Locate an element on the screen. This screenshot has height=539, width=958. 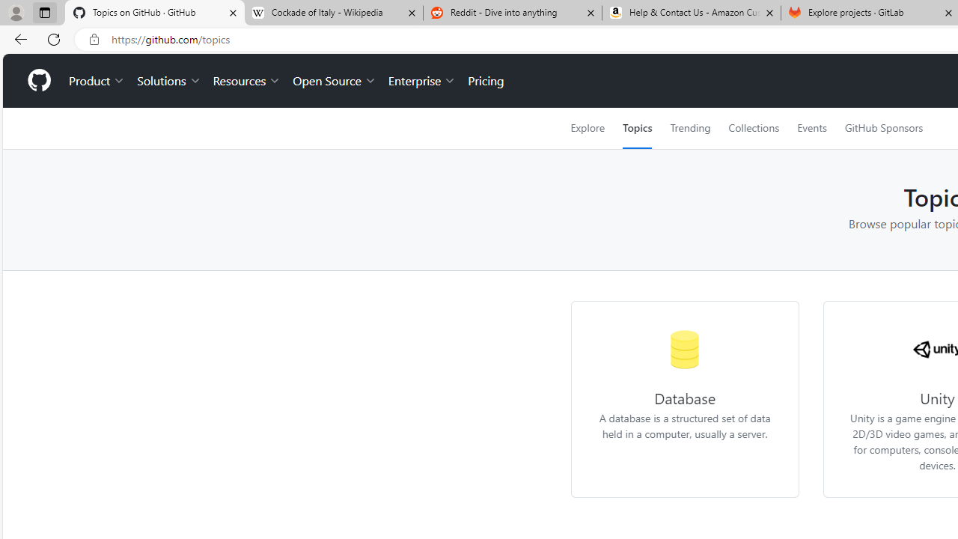
'Trending' is located at coordinates (689, 127).